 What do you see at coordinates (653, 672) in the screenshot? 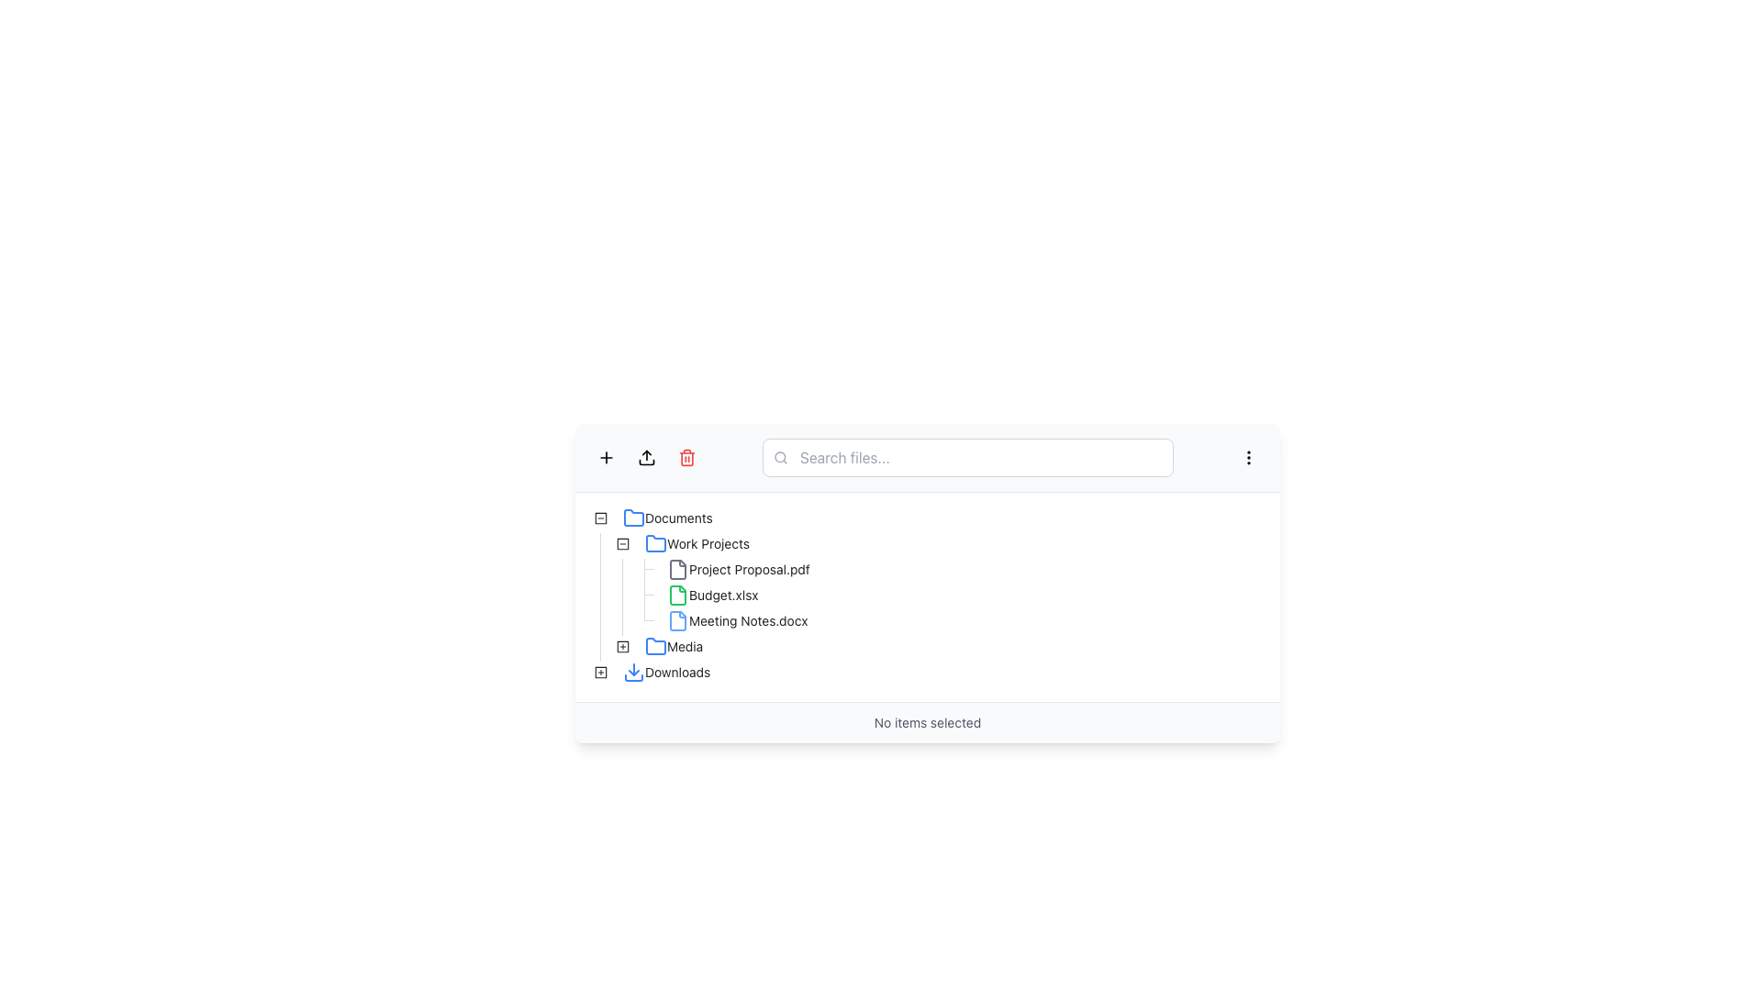
I see `the 'Downloads' tree node, which is the last item in the hierarchical file structure under the 'Media' node` at bounding box center [653, 672].